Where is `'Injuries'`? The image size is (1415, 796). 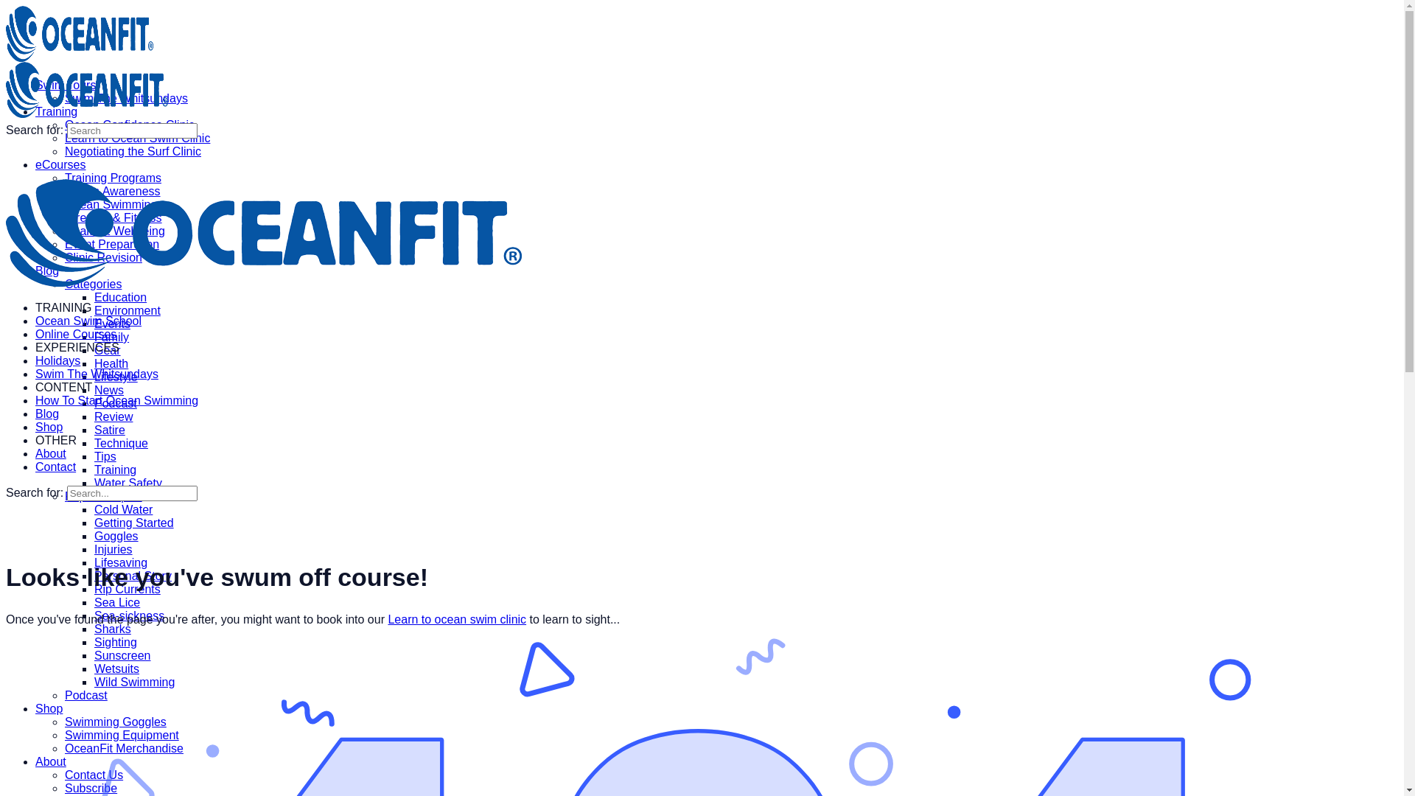 'Injuries' is located at coordinates (112, 549).